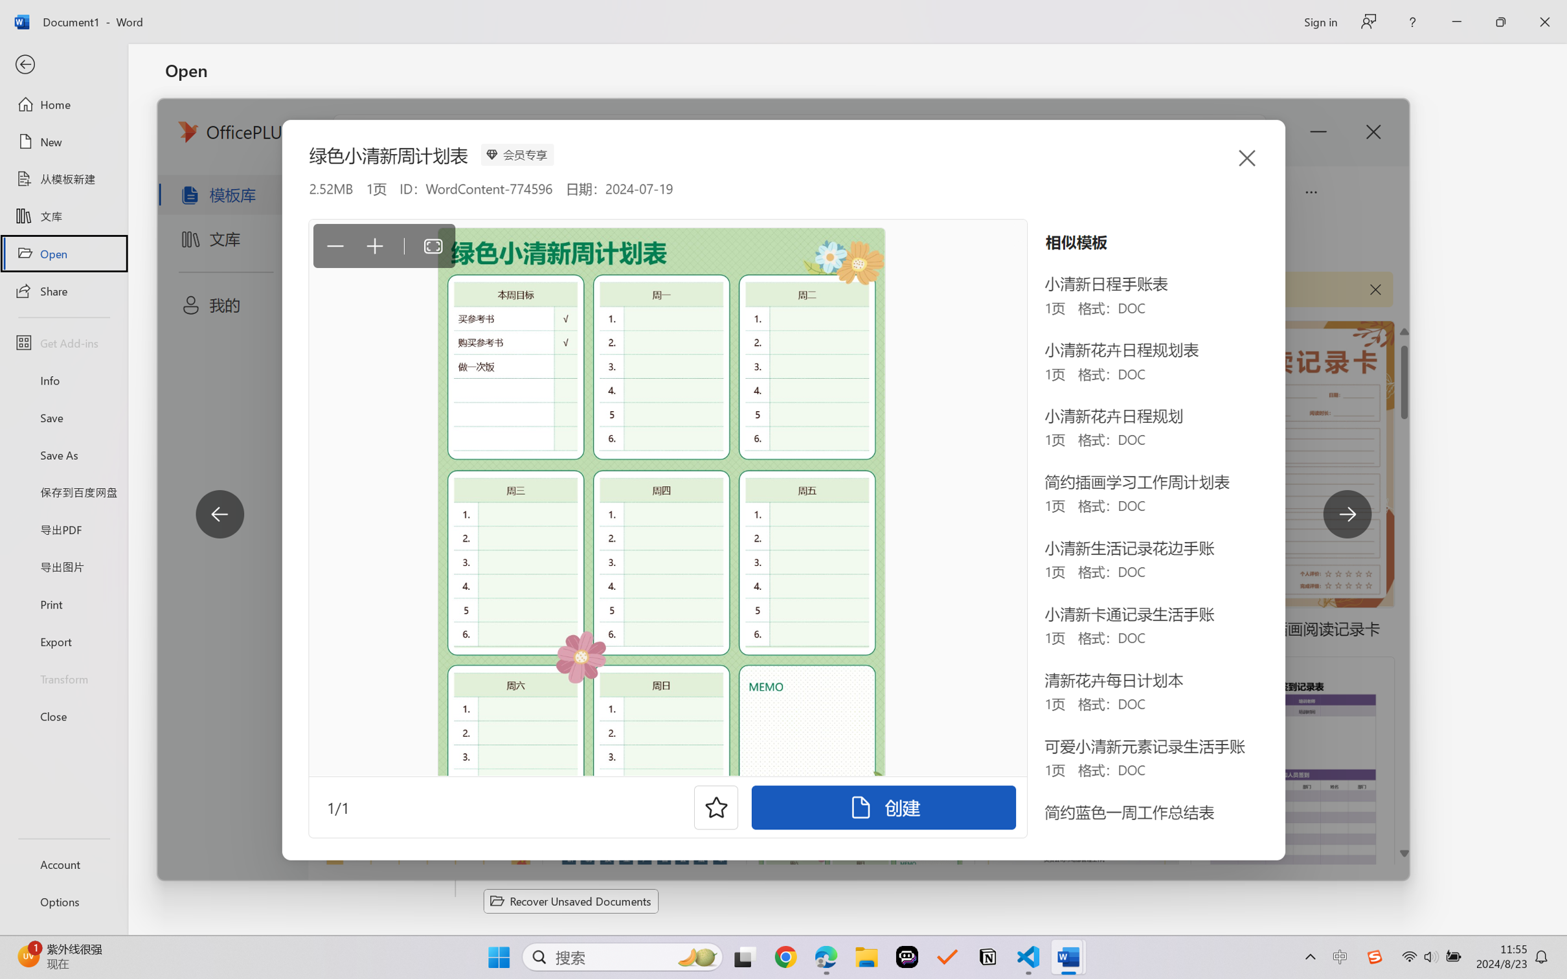 This screenshot has height=979, width=1567. I want to click on 'New', so click(63, 141).